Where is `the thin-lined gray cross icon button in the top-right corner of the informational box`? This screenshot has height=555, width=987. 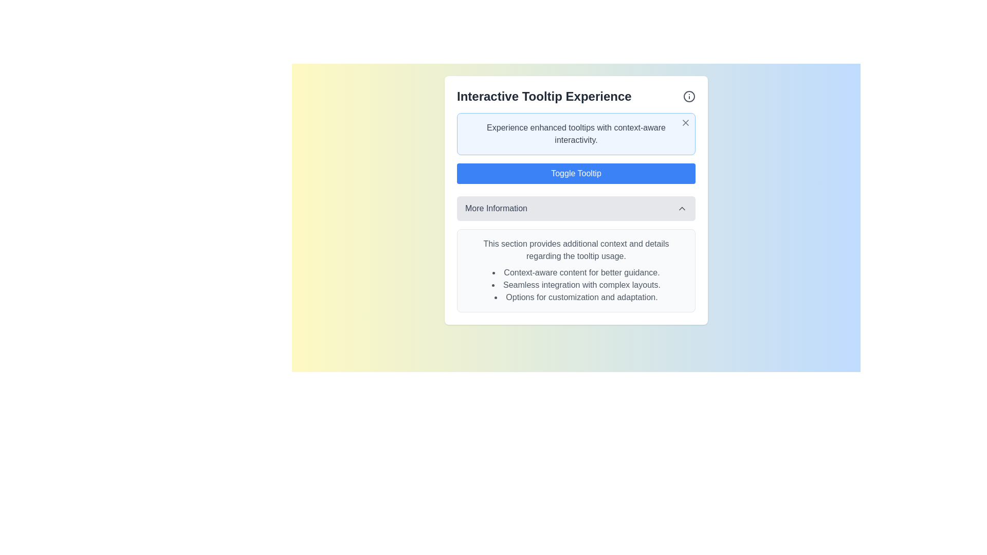
the thin-lined gray cross icon button in the top-right corner of the informational box is located at coordinates (686, 122).